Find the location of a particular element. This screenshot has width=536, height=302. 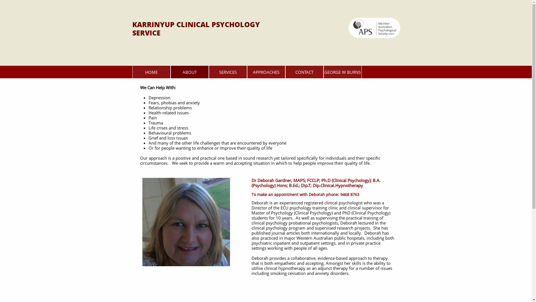

'SERVICES' is located at coordinates (228, 72).